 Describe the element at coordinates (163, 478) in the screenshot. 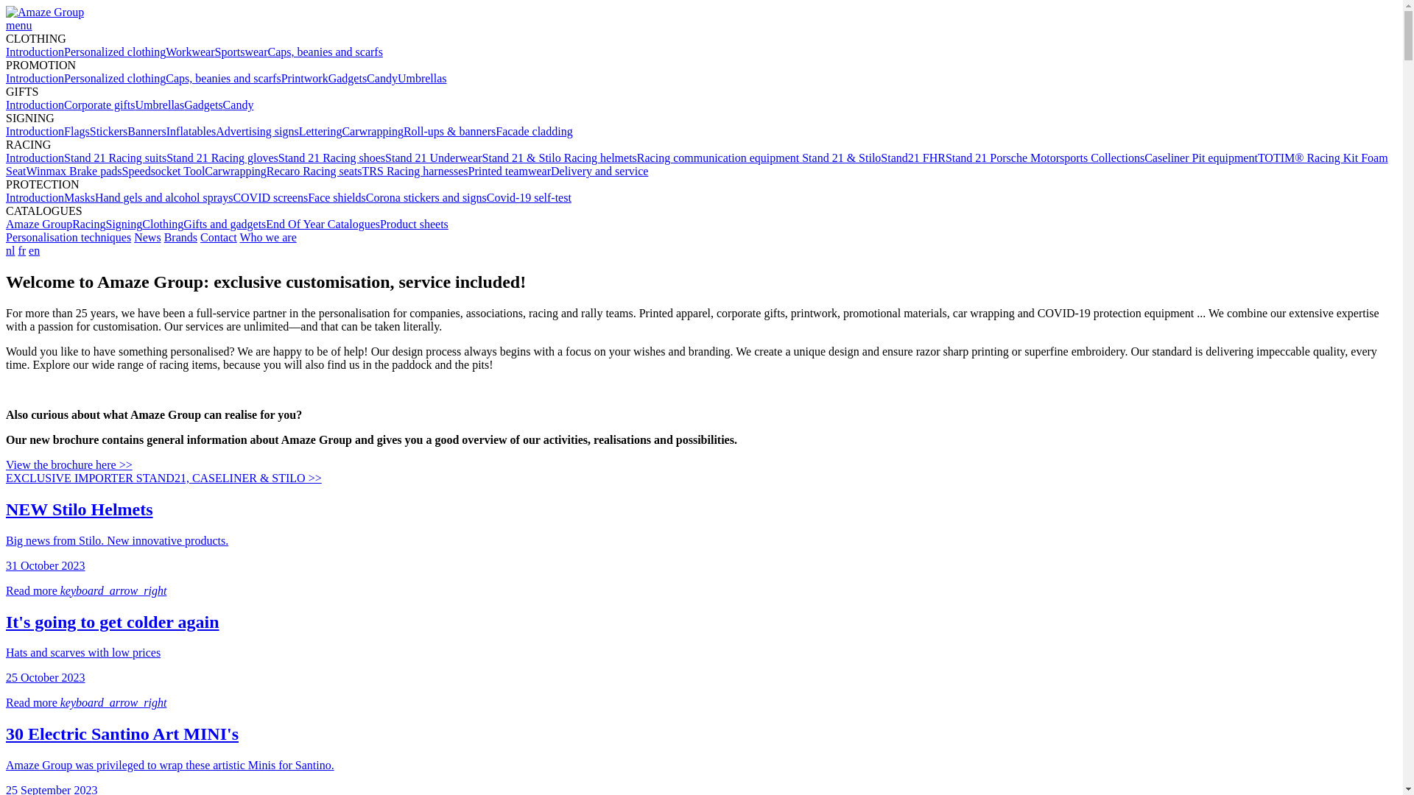

I see `'EXCLUSIVE IMPORTER STAND21, CASELINER & STILO >>'` at that location.